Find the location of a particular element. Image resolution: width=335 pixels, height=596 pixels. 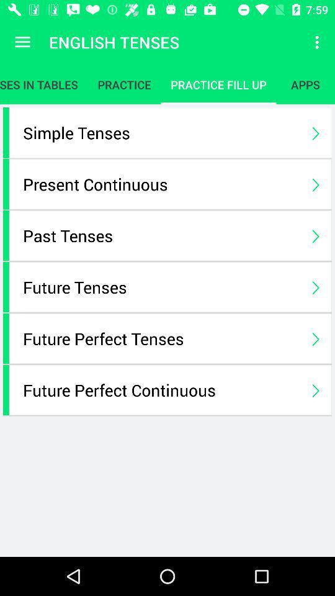

arrow which is next to future tenses is located at coordinates (315, 287).